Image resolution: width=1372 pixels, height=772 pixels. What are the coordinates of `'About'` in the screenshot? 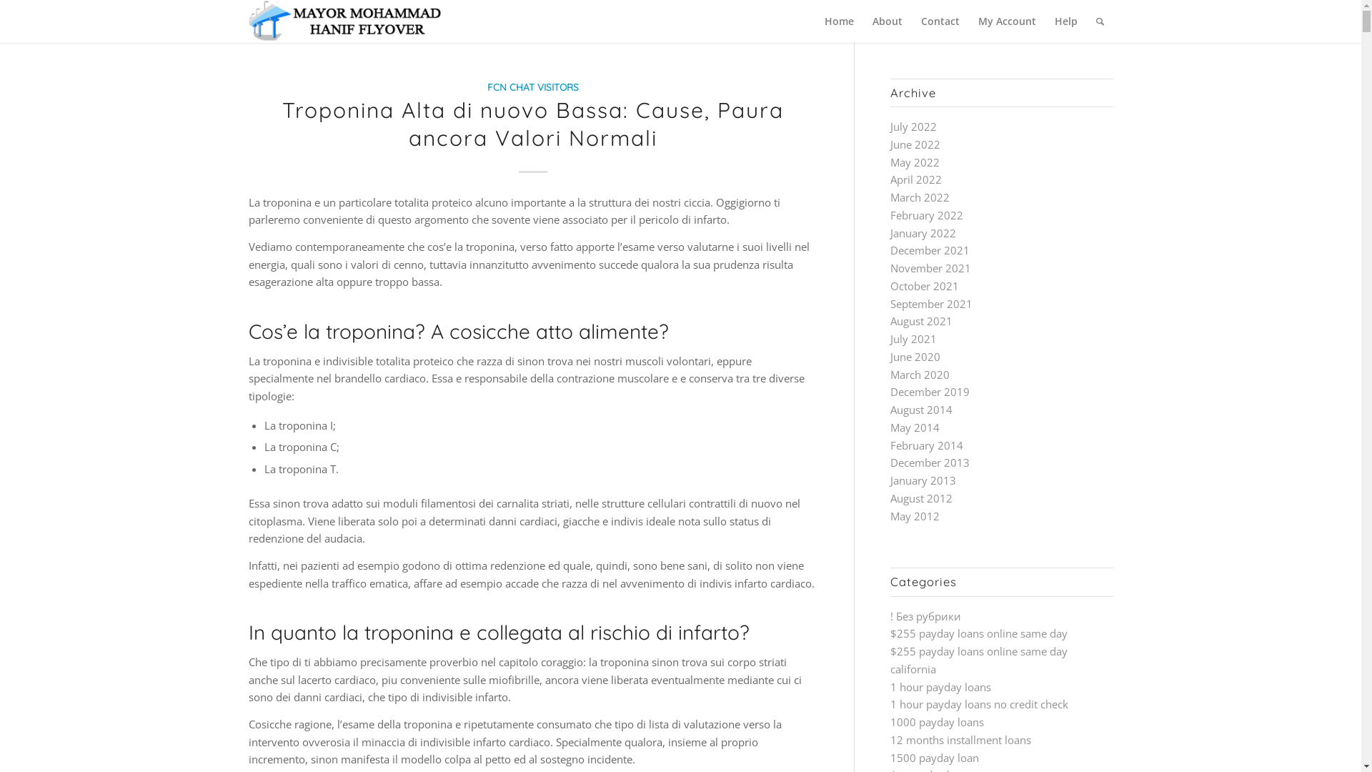 It's located at (863, 21).